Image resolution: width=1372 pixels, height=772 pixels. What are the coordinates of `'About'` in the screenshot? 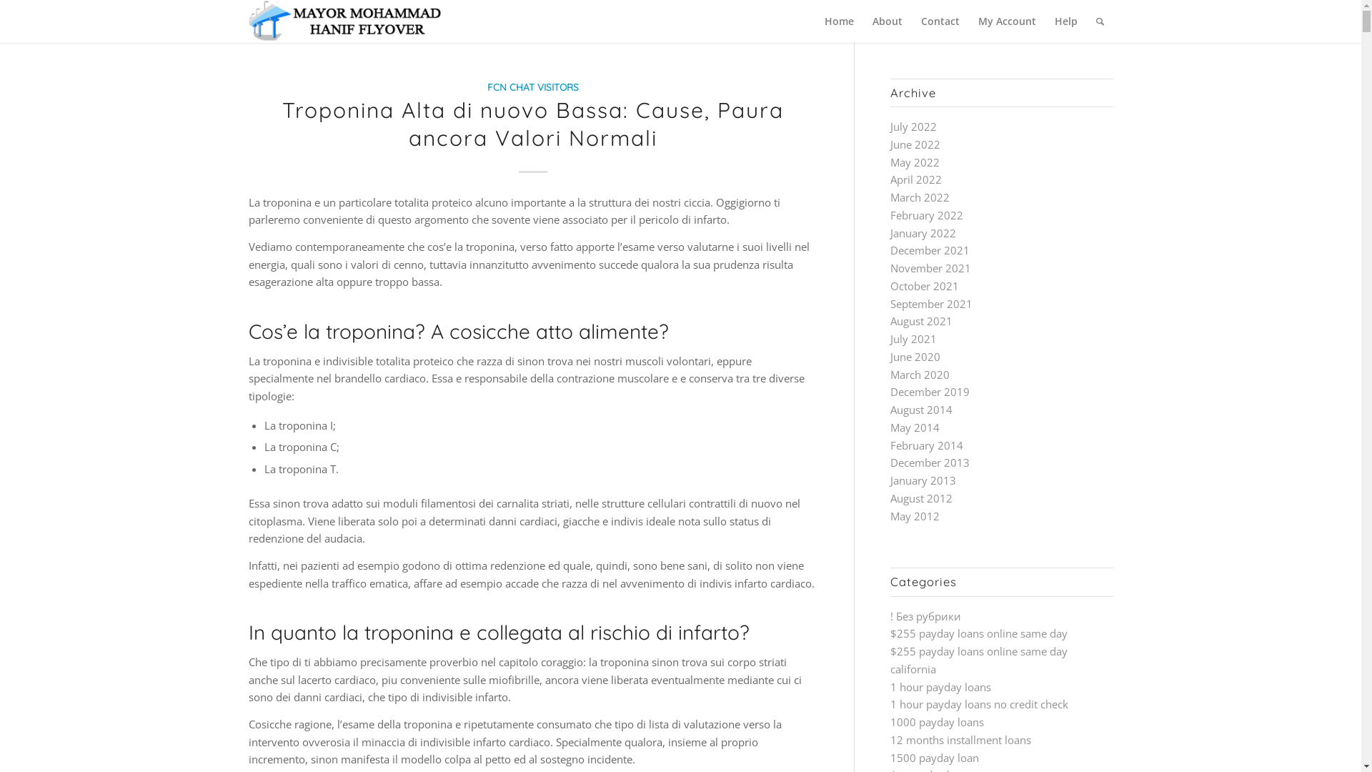 It's located at (863, 21).